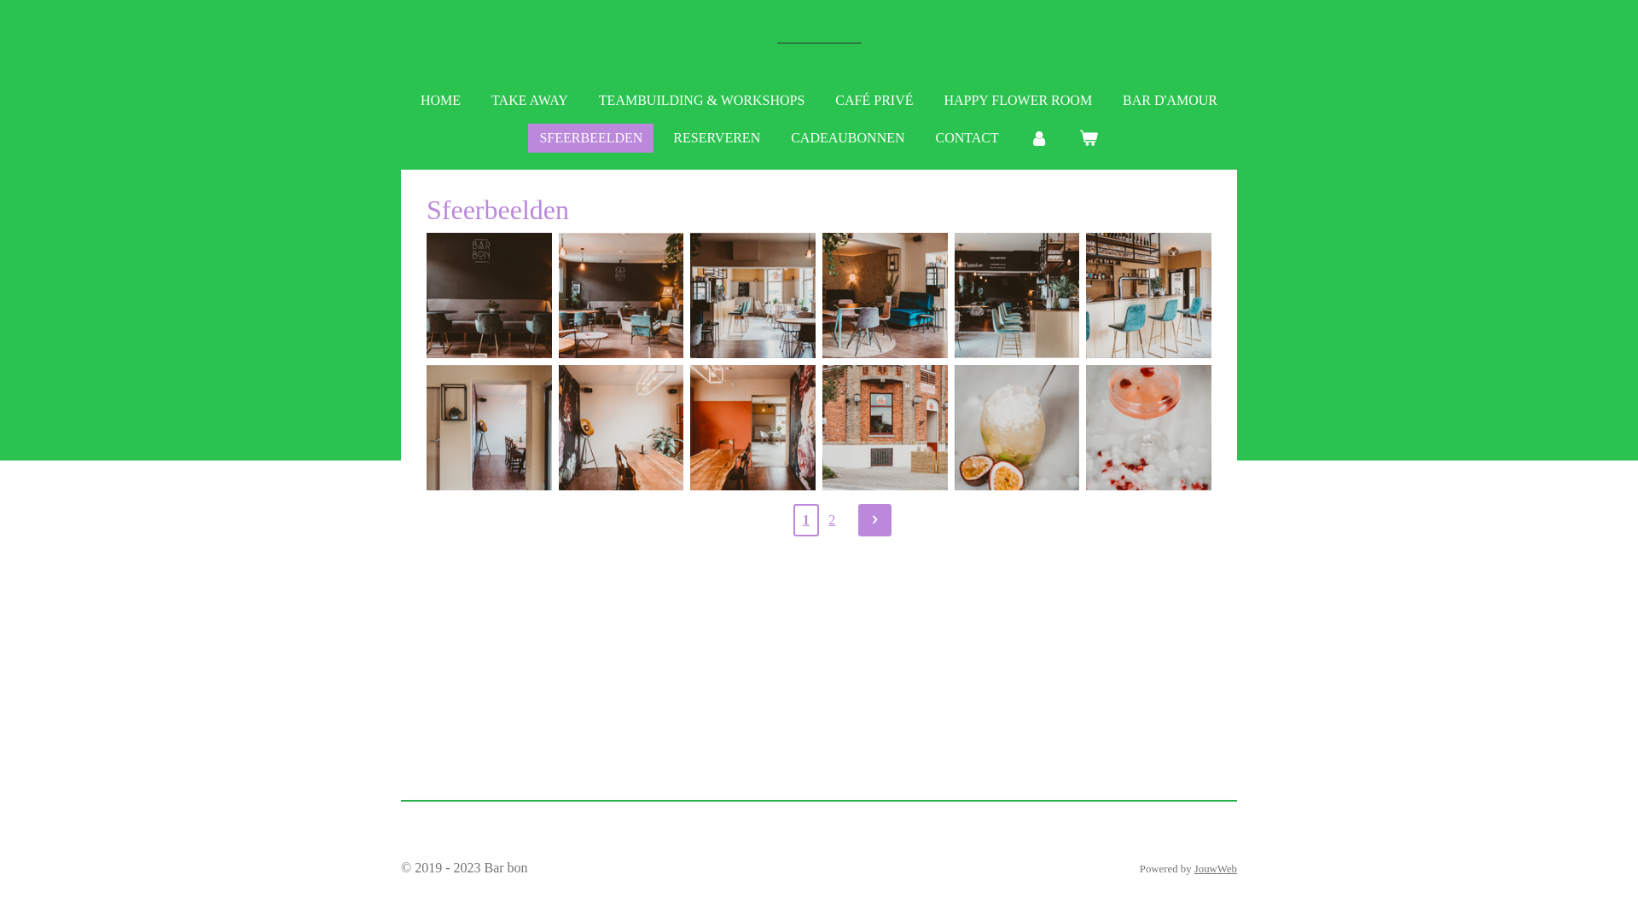 Image resolution: width=1638 pixels, height=921 pixels. What do you see at coordinates (1169, 101) in the screenshot?
I see `'BAR D'AMOUR'` at bounding box center [1169, 101].